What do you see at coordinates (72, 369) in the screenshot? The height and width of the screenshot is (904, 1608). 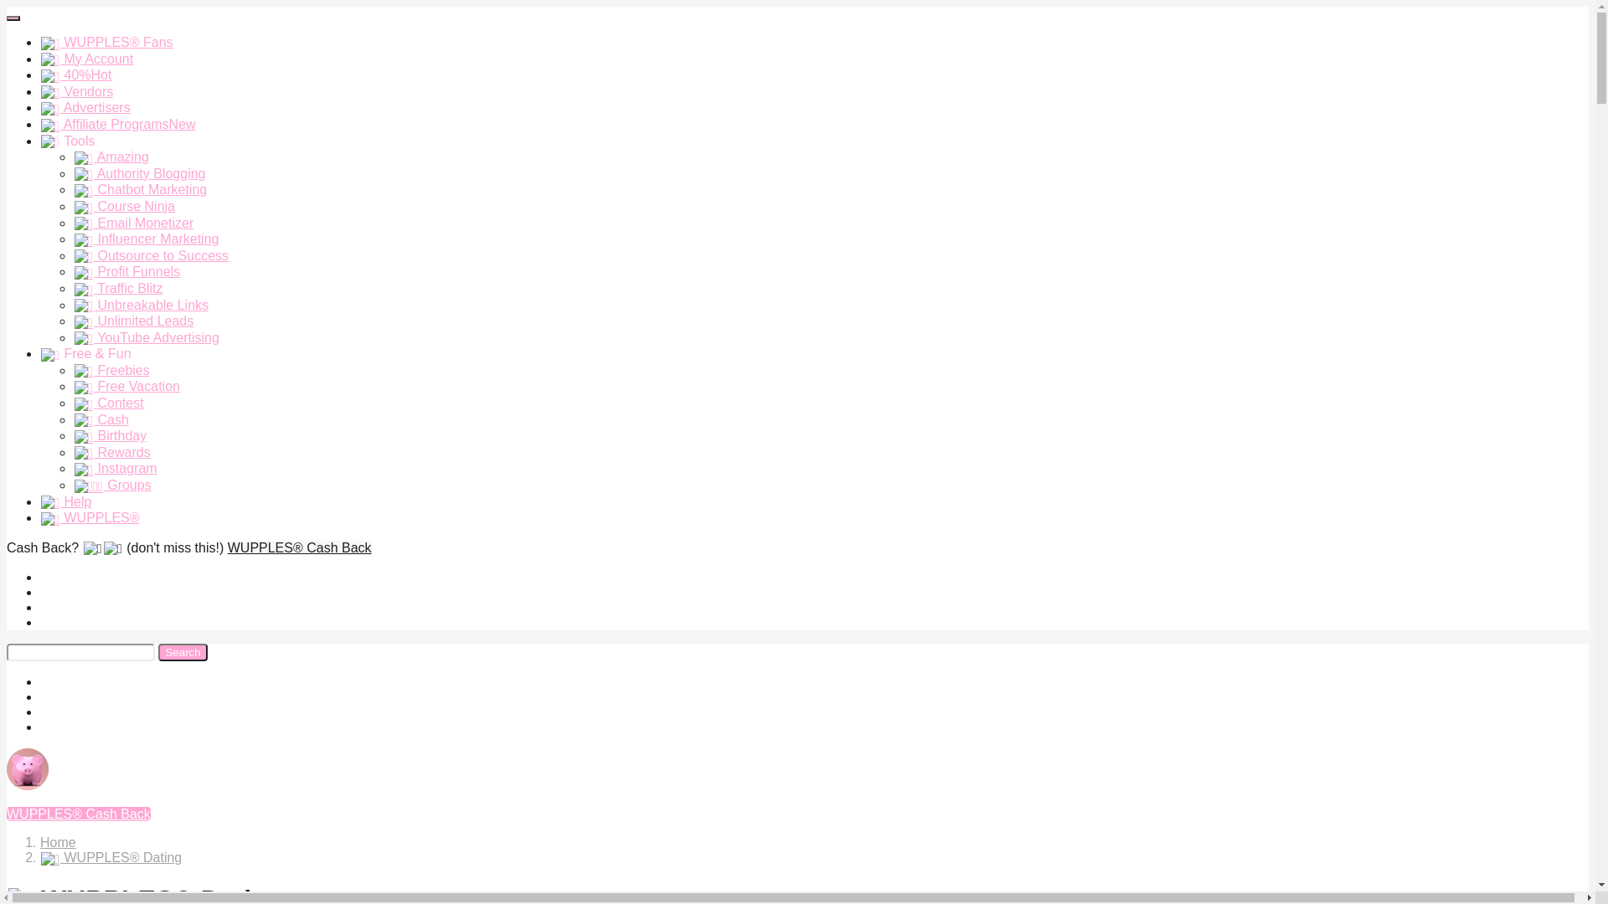 I see `'Freebies'` at bounding box center [72, 369].